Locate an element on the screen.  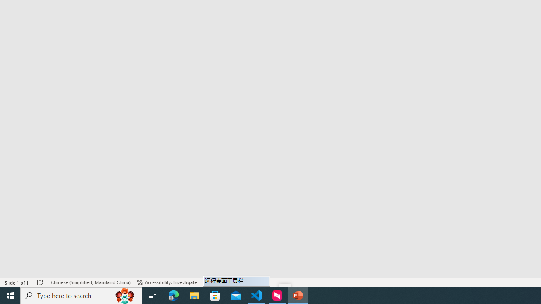
'Accessibility Checker Accessibility: Investigate' is located at coordinates (167, 282).